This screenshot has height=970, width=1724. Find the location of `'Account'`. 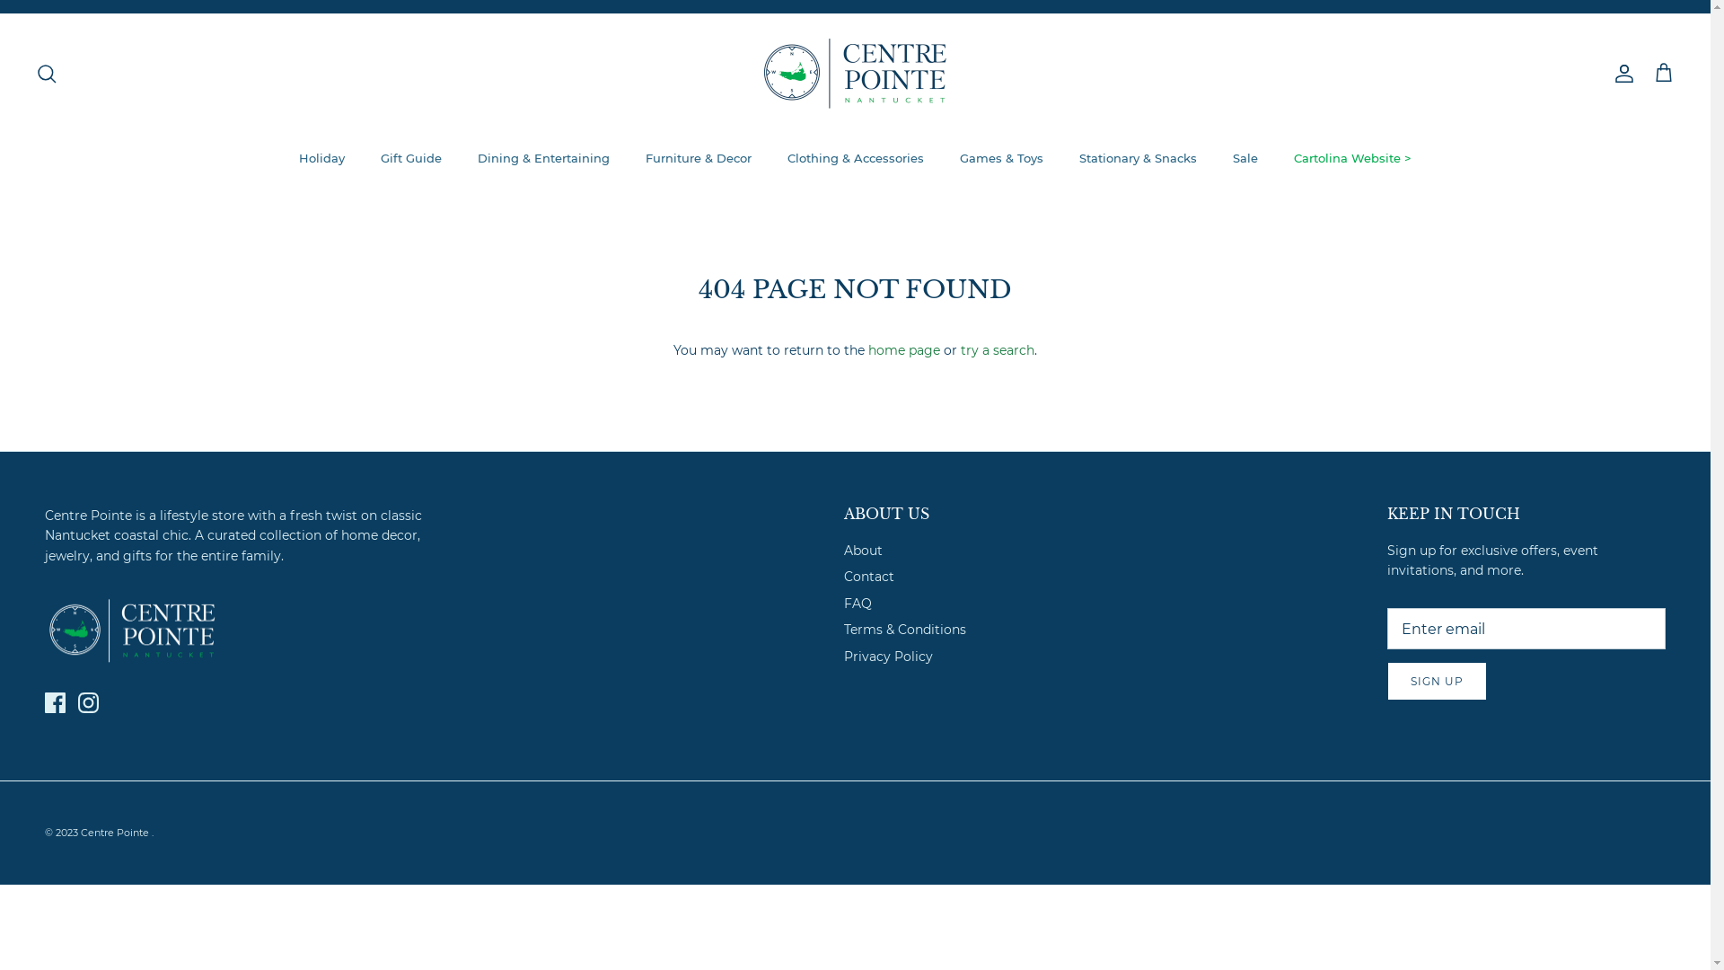

'Account' is located at coordinates (1620, 72).